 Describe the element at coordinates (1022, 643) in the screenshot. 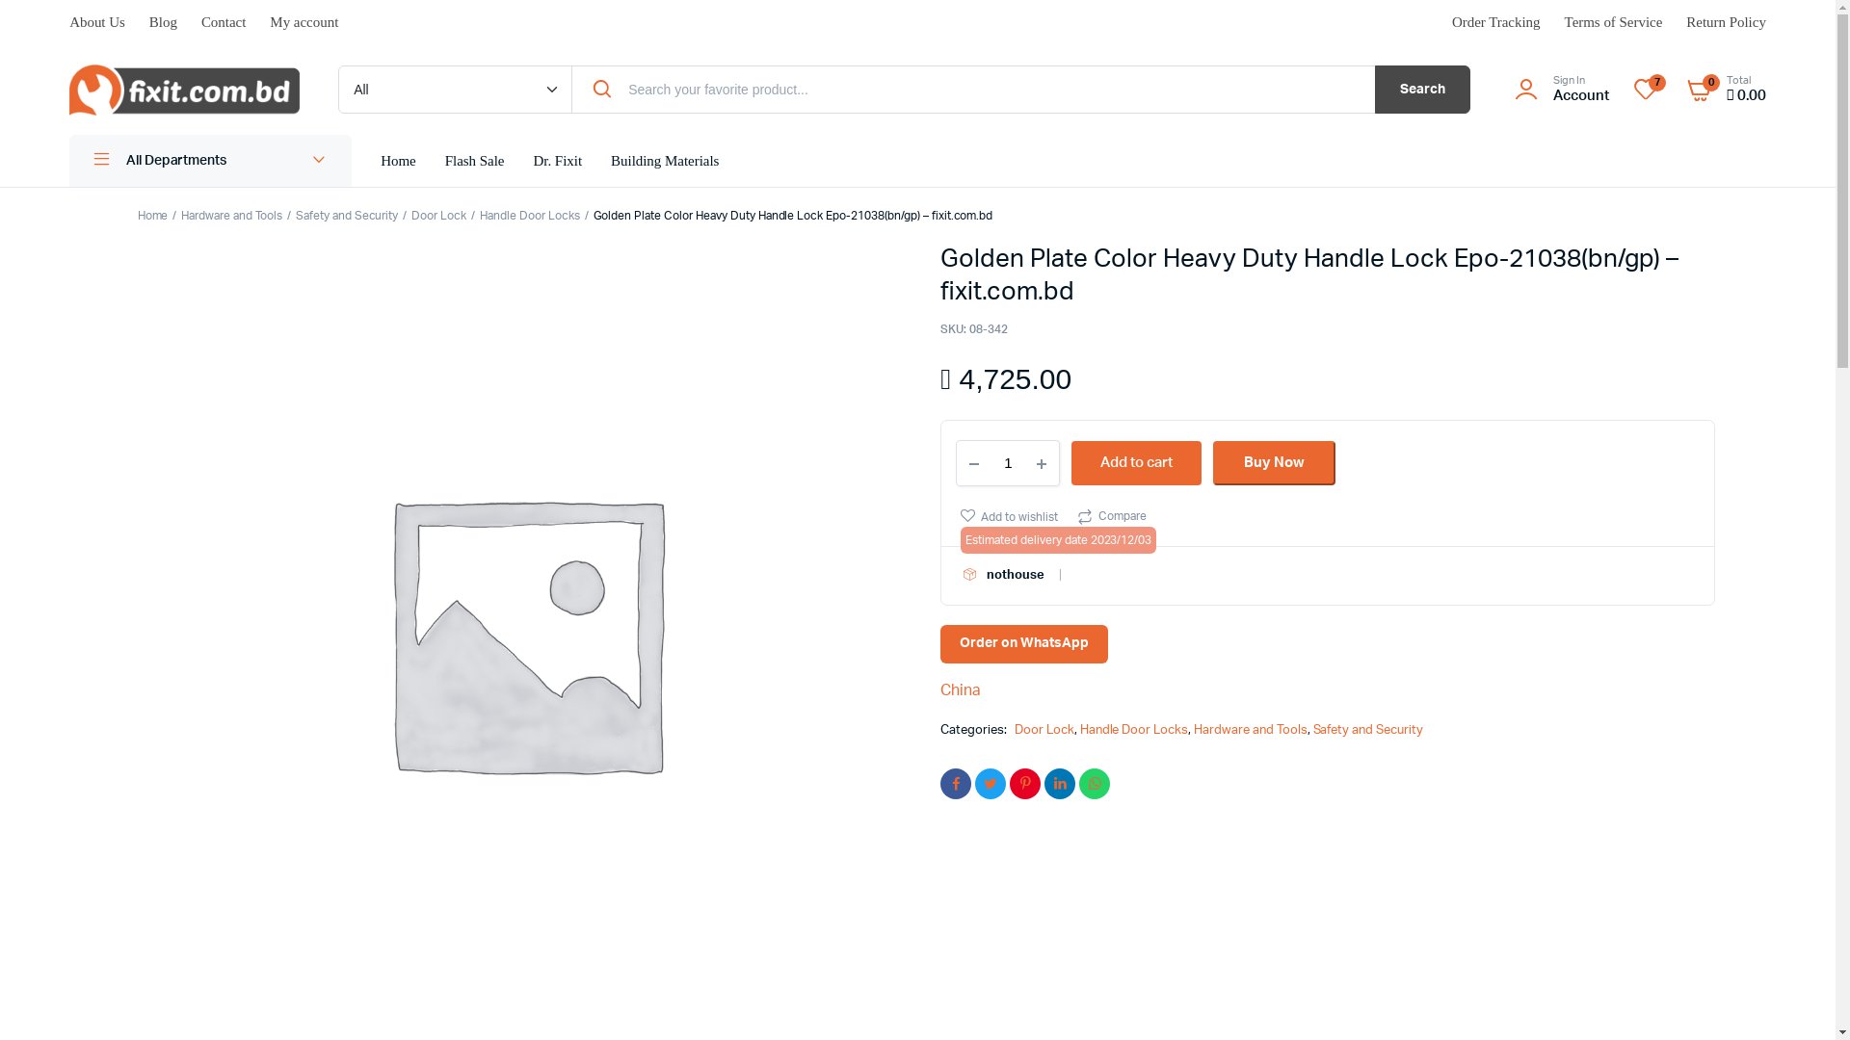

I see `'Order on WhatsApp'` at that location.